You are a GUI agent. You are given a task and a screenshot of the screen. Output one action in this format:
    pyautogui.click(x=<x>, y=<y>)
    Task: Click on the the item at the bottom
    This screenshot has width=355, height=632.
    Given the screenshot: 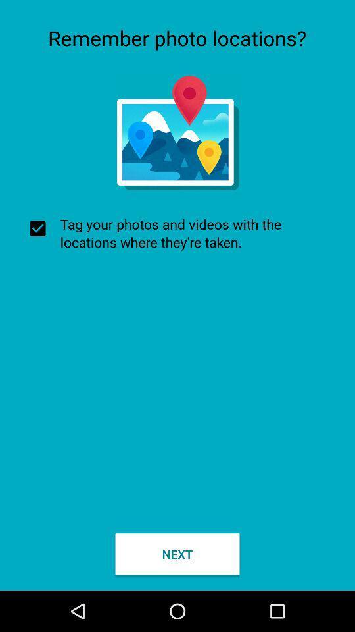 What is the action you would take?
    pyautogui.click(x=177, y=553)
    